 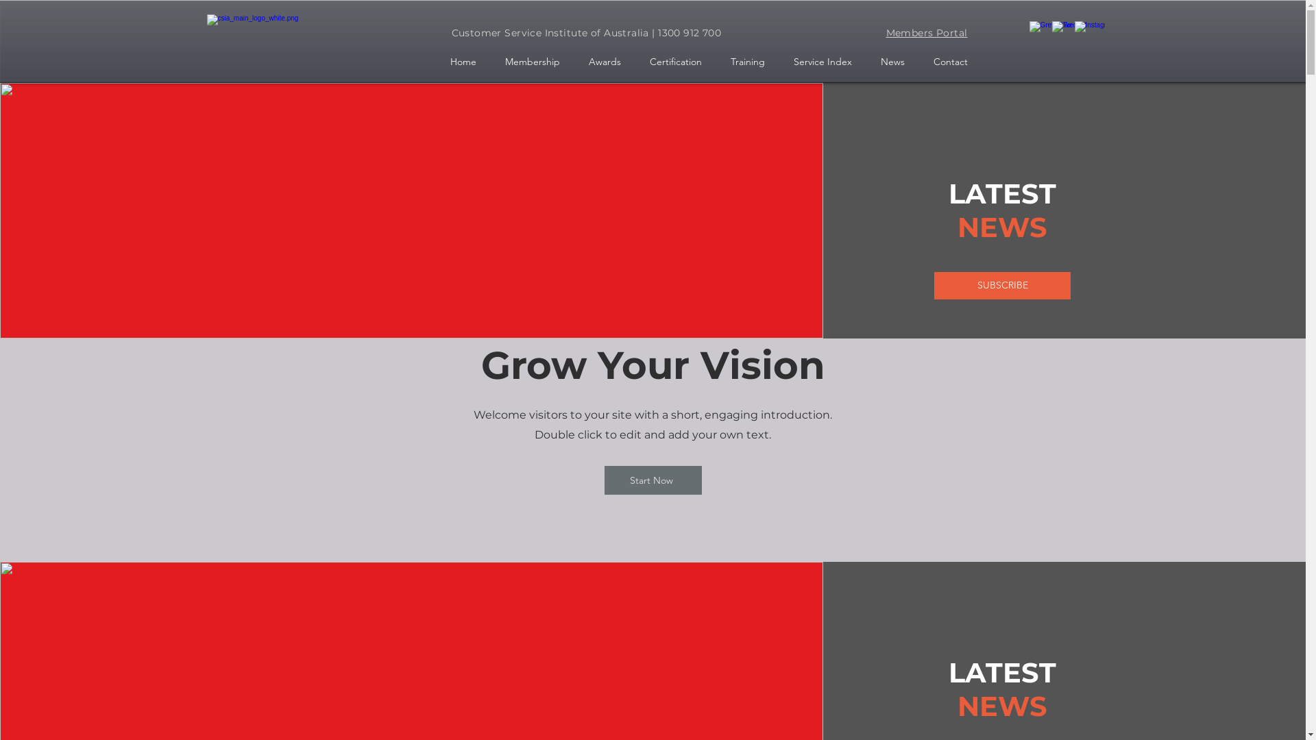 I want to click on 'Training', so click(x=746, y=62).